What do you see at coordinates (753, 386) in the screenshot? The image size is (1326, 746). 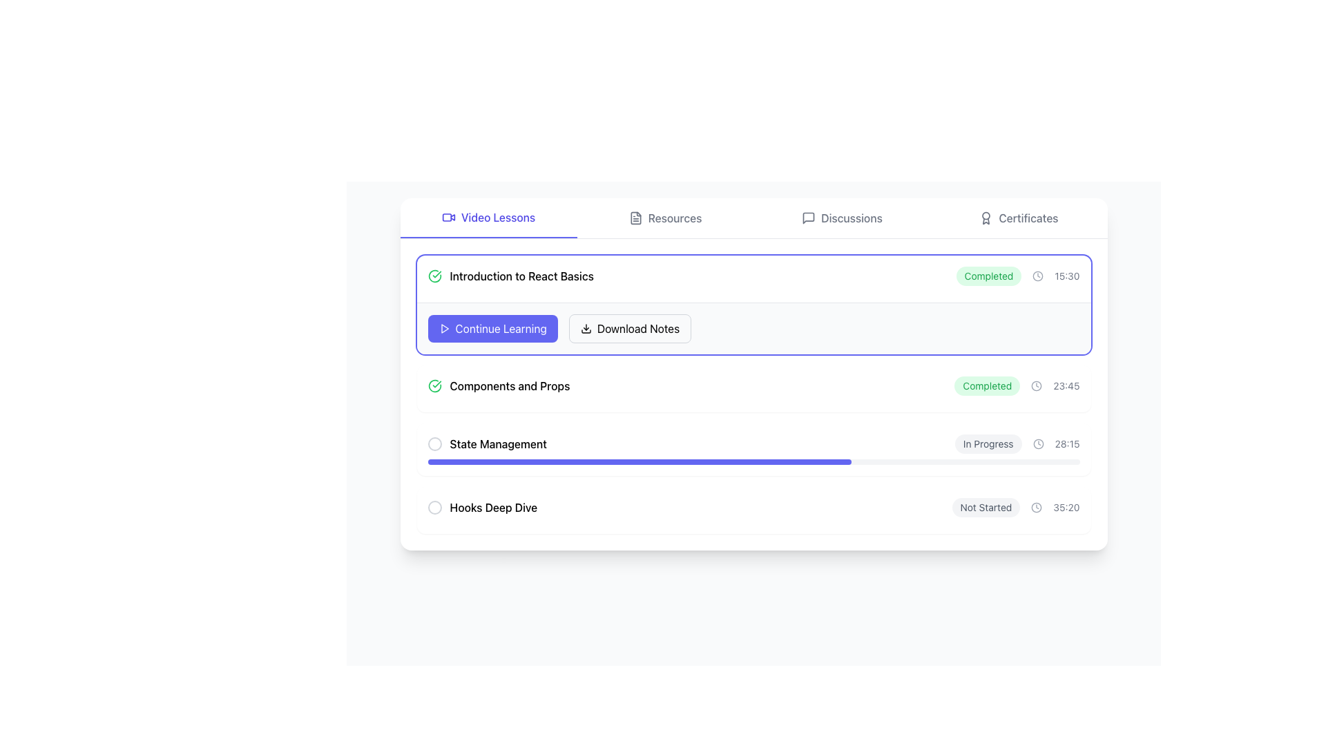 I see `the checkbox of the completed lesson 'Components and Props'` at bounding box center [753, 386].